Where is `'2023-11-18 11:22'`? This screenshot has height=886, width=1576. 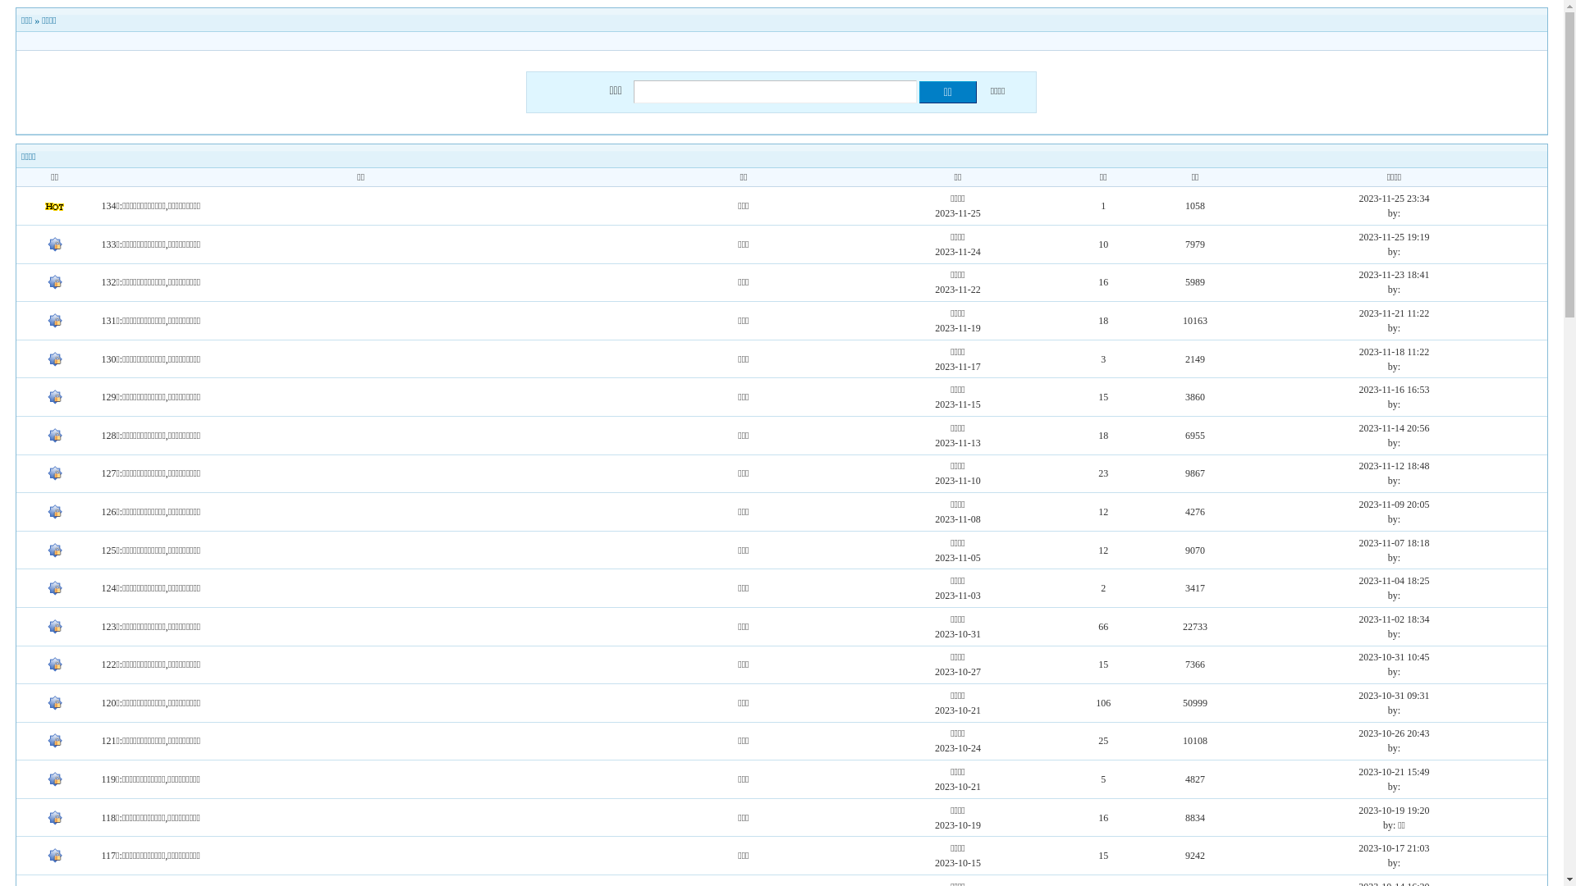 '2023-11-18 11:22' is located at coordinates (1393, 350).